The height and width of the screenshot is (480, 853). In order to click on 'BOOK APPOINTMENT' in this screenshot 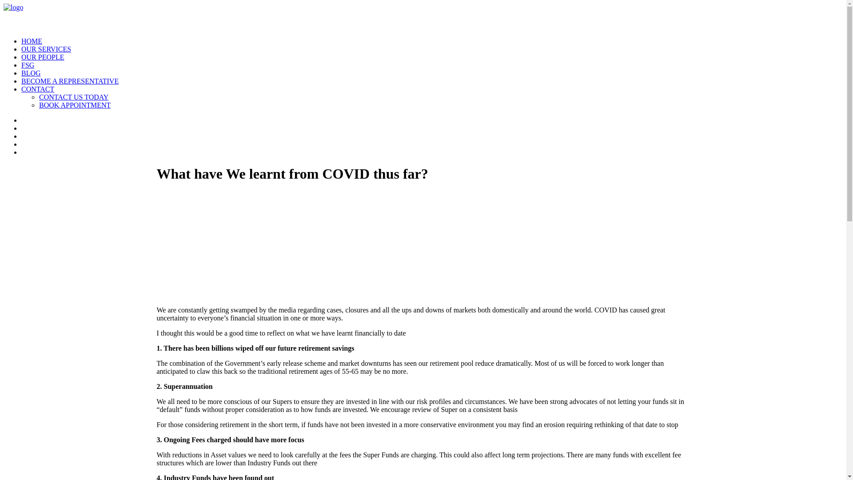, I will do `click(75, 104)`.